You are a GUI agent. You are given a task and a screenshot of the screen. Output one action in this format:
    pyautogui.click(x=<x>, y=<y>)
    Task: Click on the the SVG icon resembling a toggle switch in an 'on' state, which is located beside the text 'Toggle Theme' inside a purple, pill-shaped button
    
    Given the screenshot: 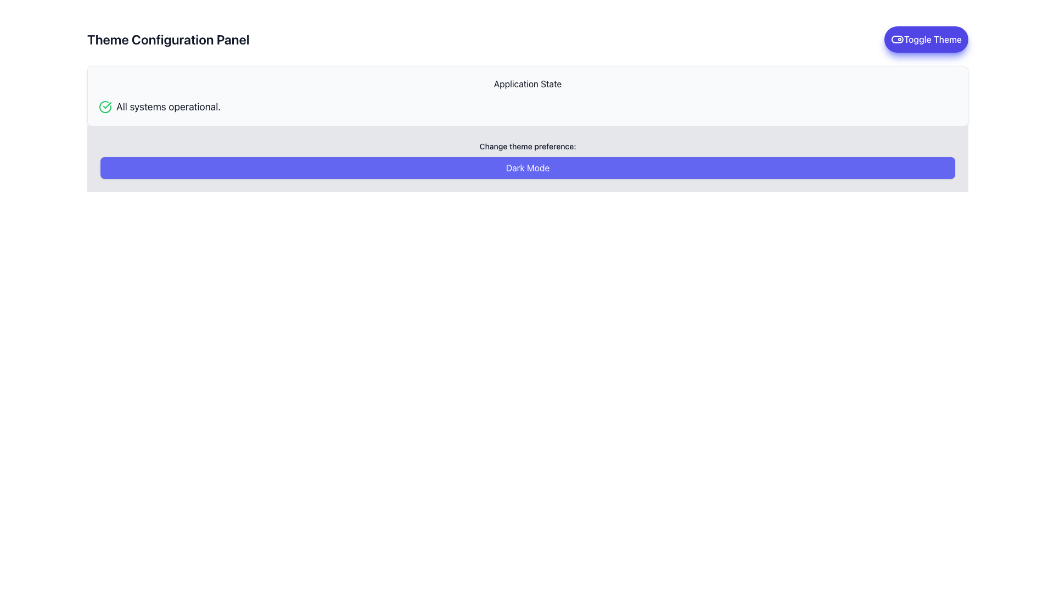 What is the action you would take?
    pyautogui.click(x=897, y=39)
    